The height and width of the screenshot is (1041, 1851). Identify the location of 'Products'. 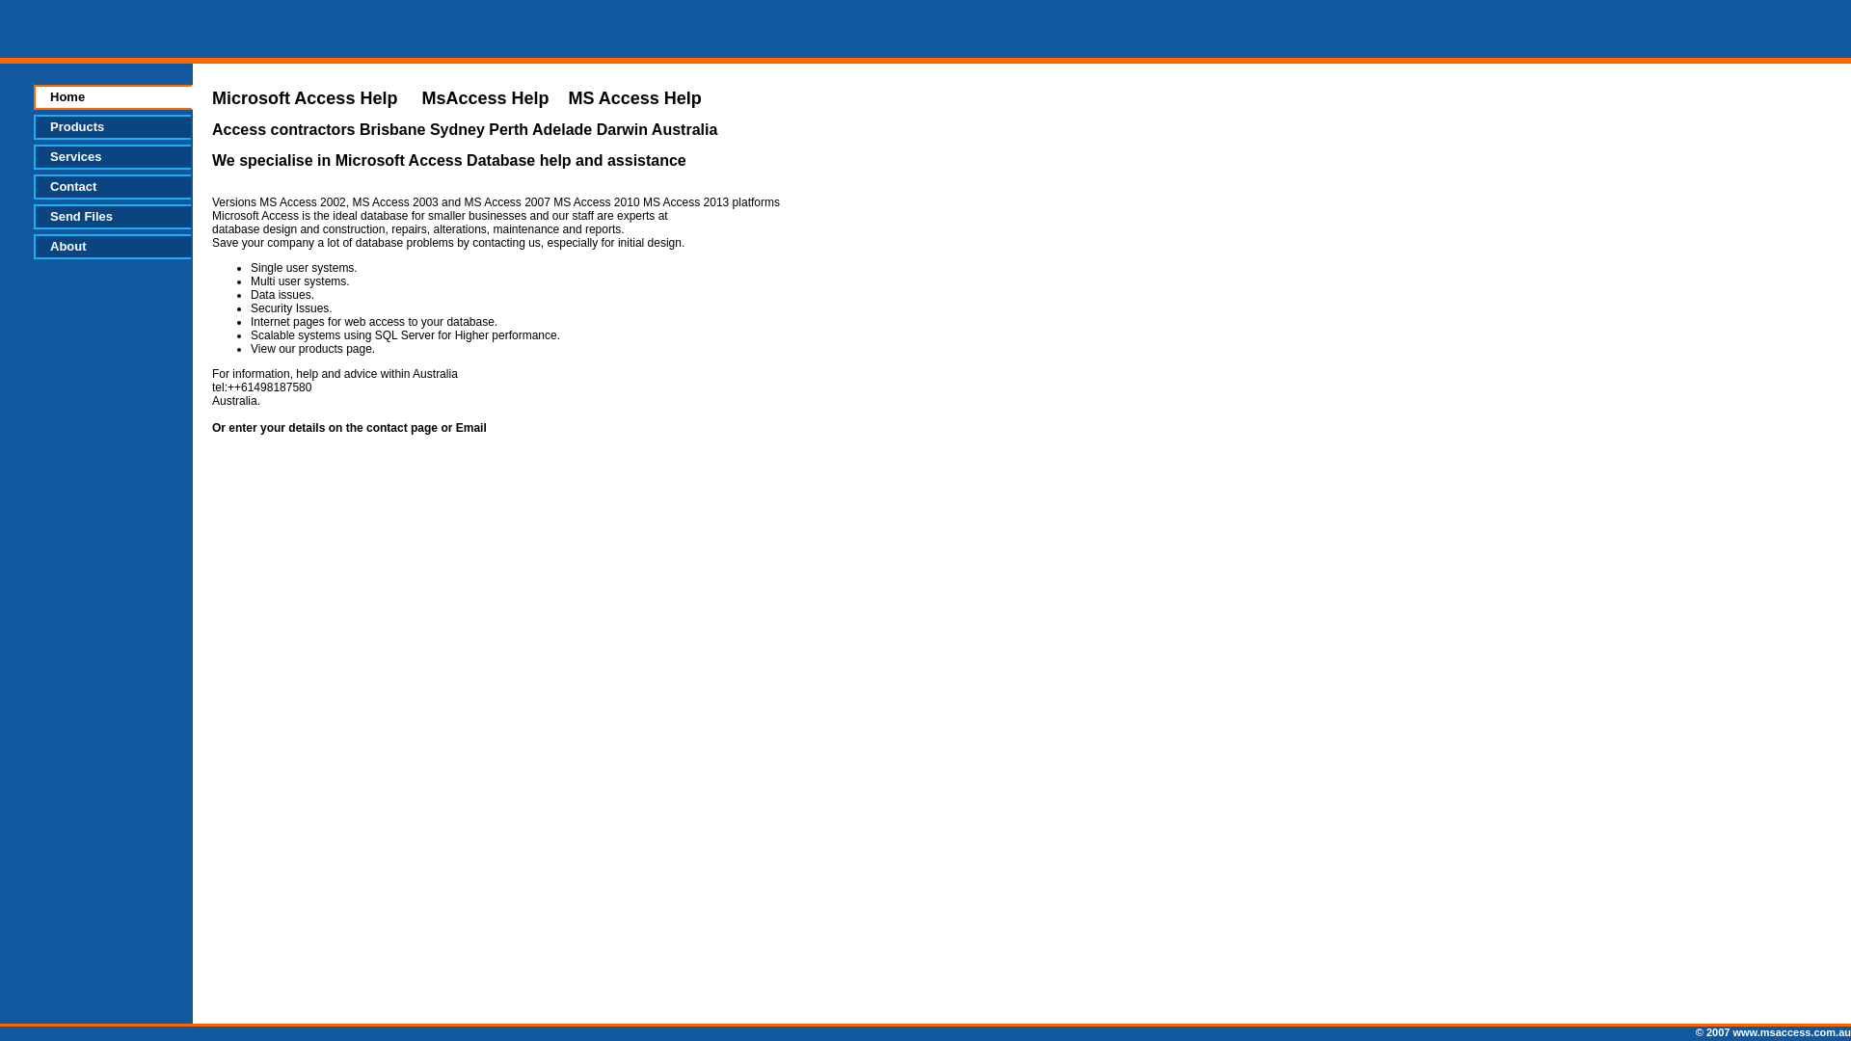
(111, 126).